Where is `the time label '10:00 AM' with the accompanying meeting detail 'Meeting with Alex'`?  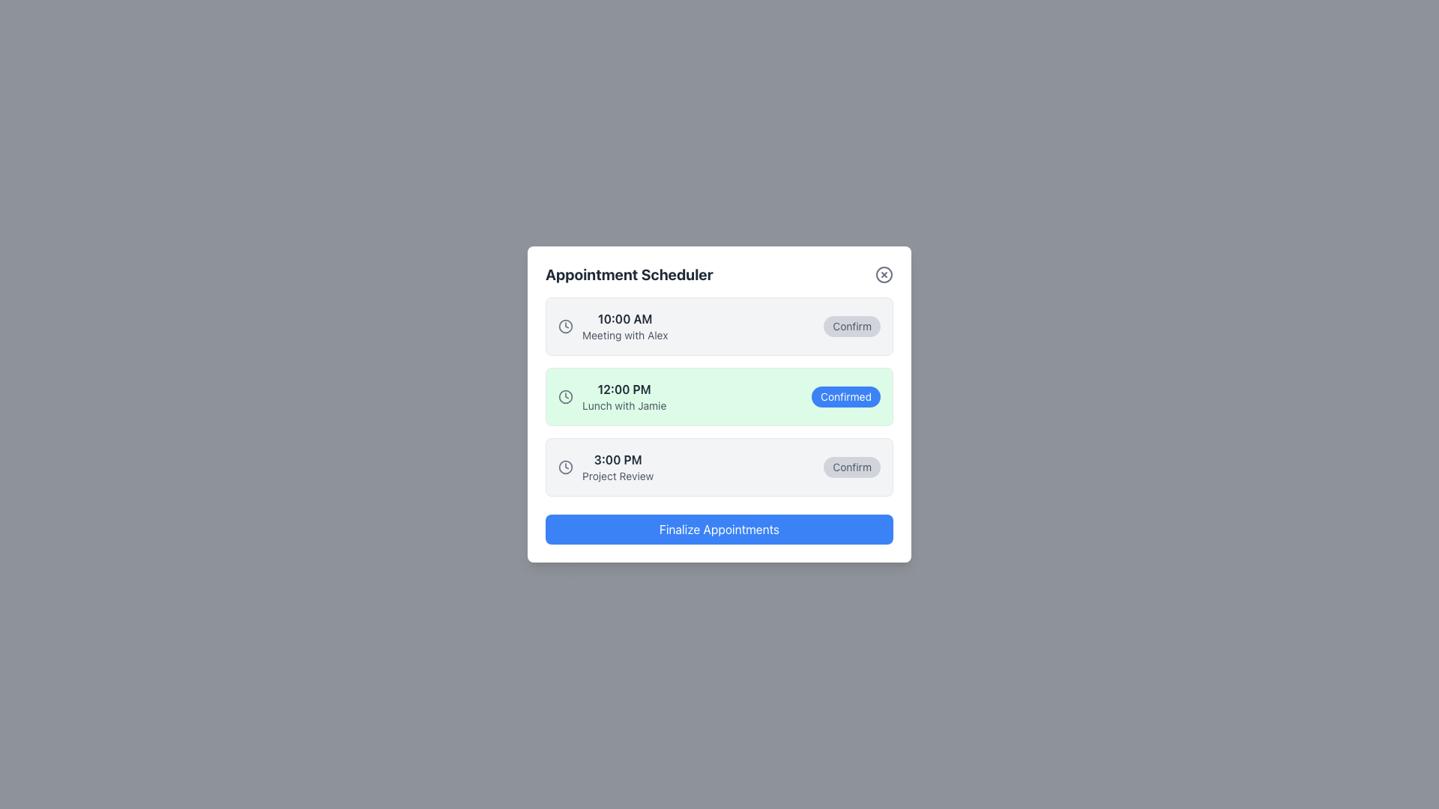
the time label '10:00 AM' with the accompanying meeting detail 'Meeting with Alex' is located at coordinates (612, 325).